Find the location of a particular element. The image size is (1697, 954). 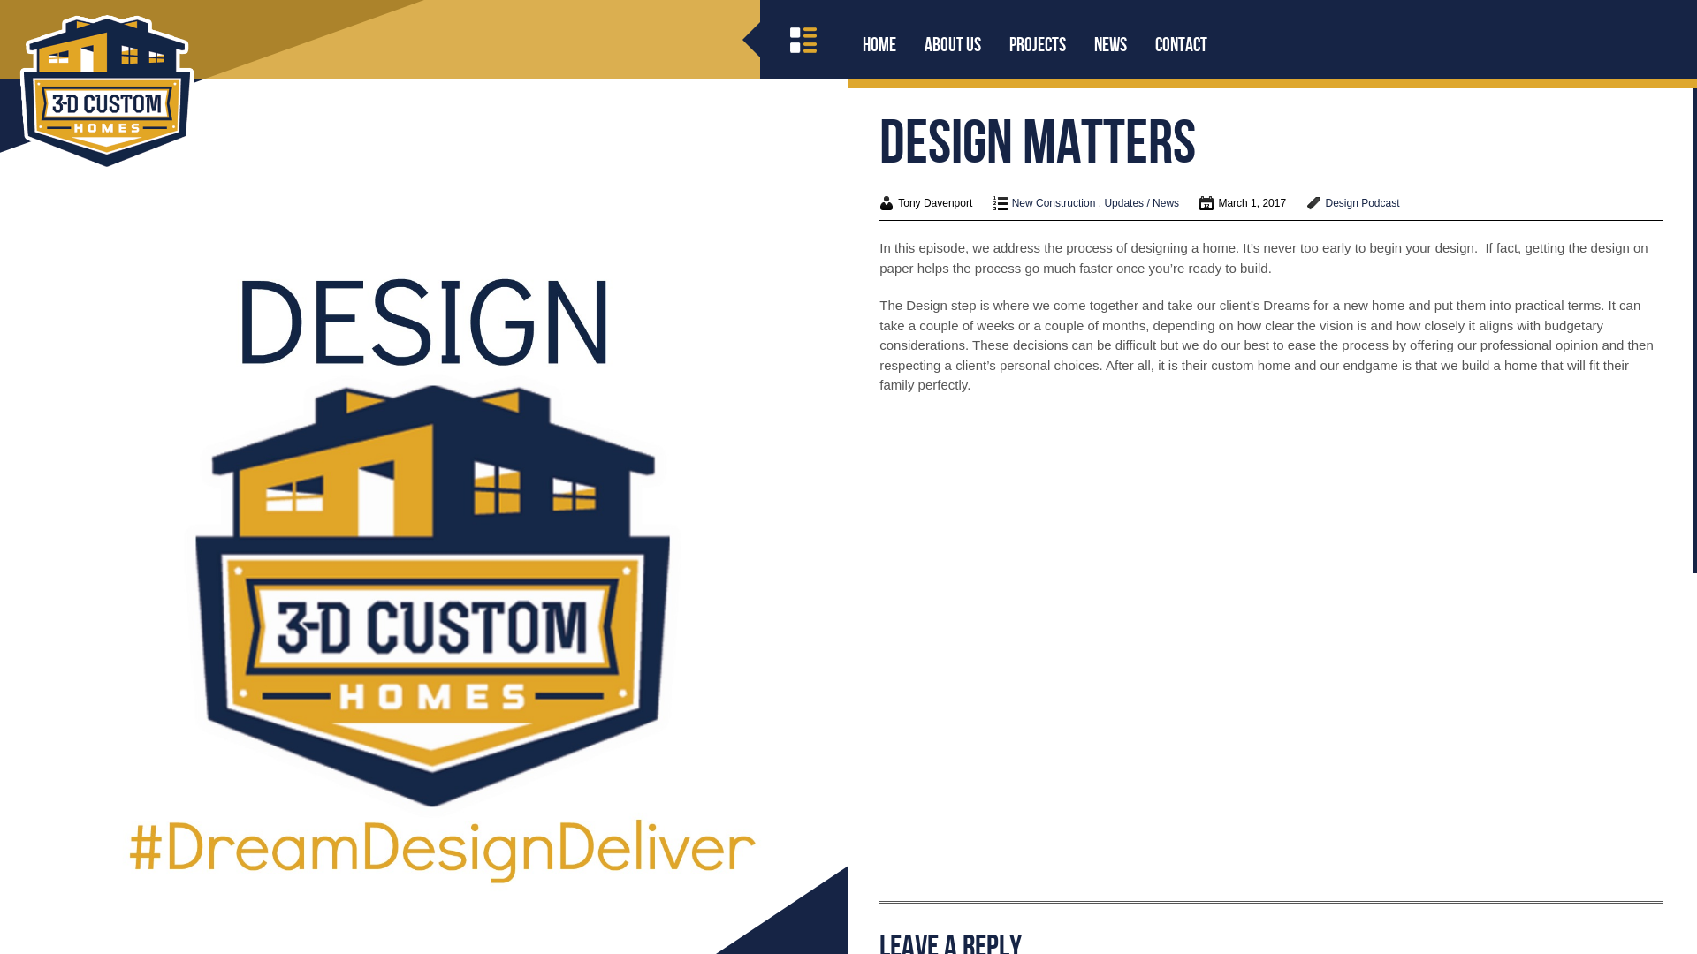

'Projects' is located at coordinates (1038, 43).